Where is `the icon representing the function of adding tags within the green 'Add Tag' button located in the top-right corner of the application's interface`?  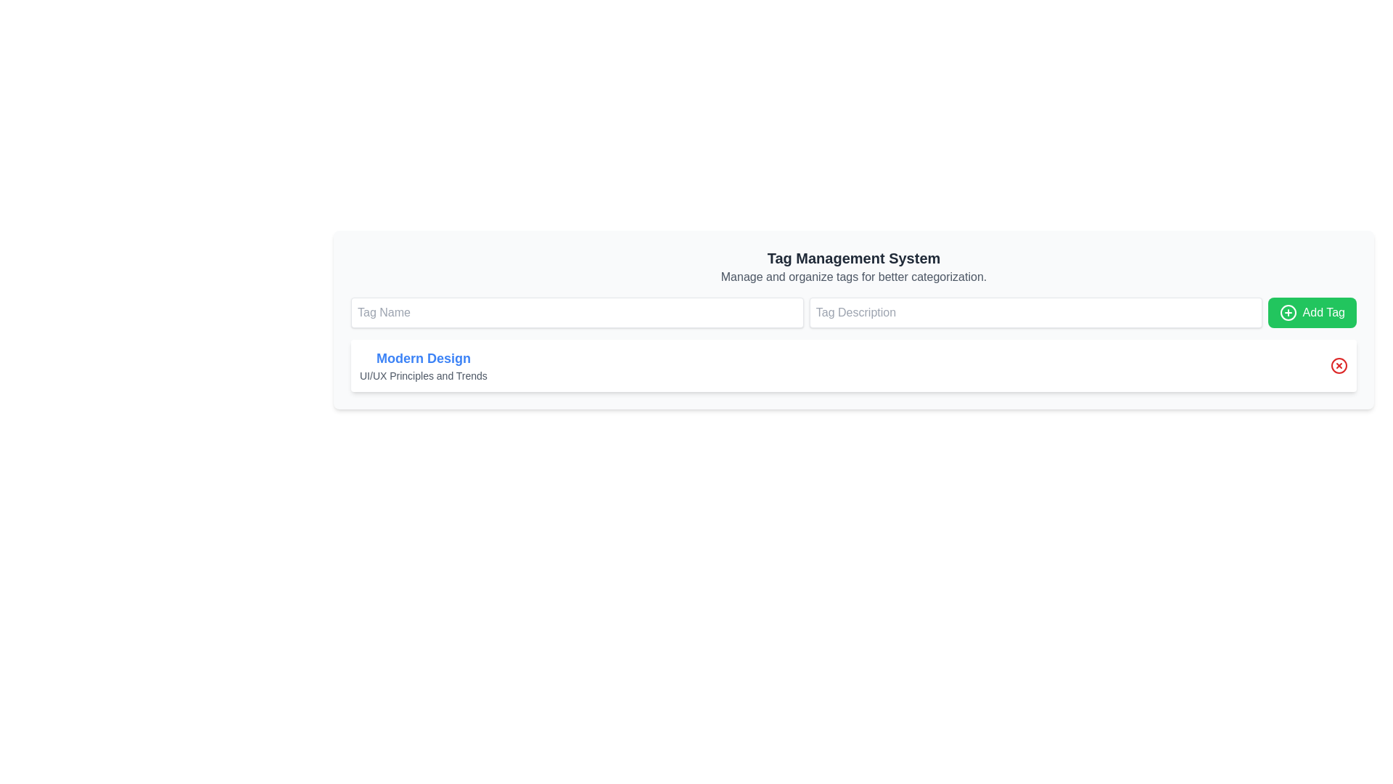
the icon representing the function of adding tags within the green 'Add Tag' button located in the top-right corner of the application's interface is located at coordinates (1288, 312).